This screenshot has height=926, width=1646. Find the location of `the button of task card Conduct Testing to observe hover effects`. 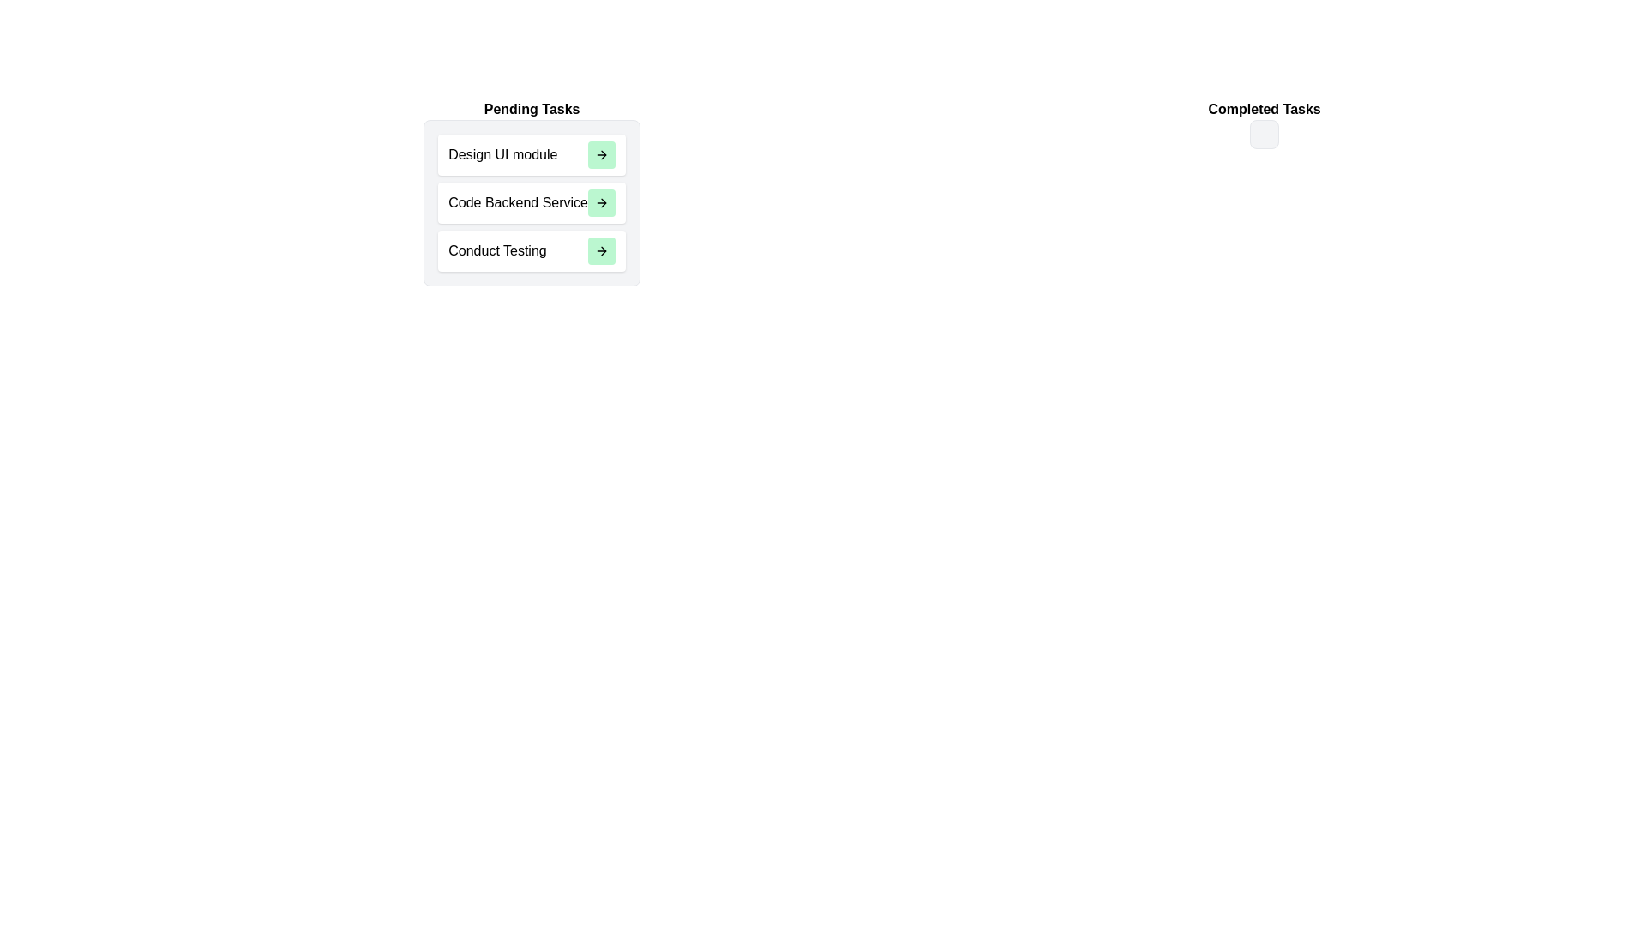

the button of task card Conduct Testing to observe hover effects is located at coordinates (601, 251).